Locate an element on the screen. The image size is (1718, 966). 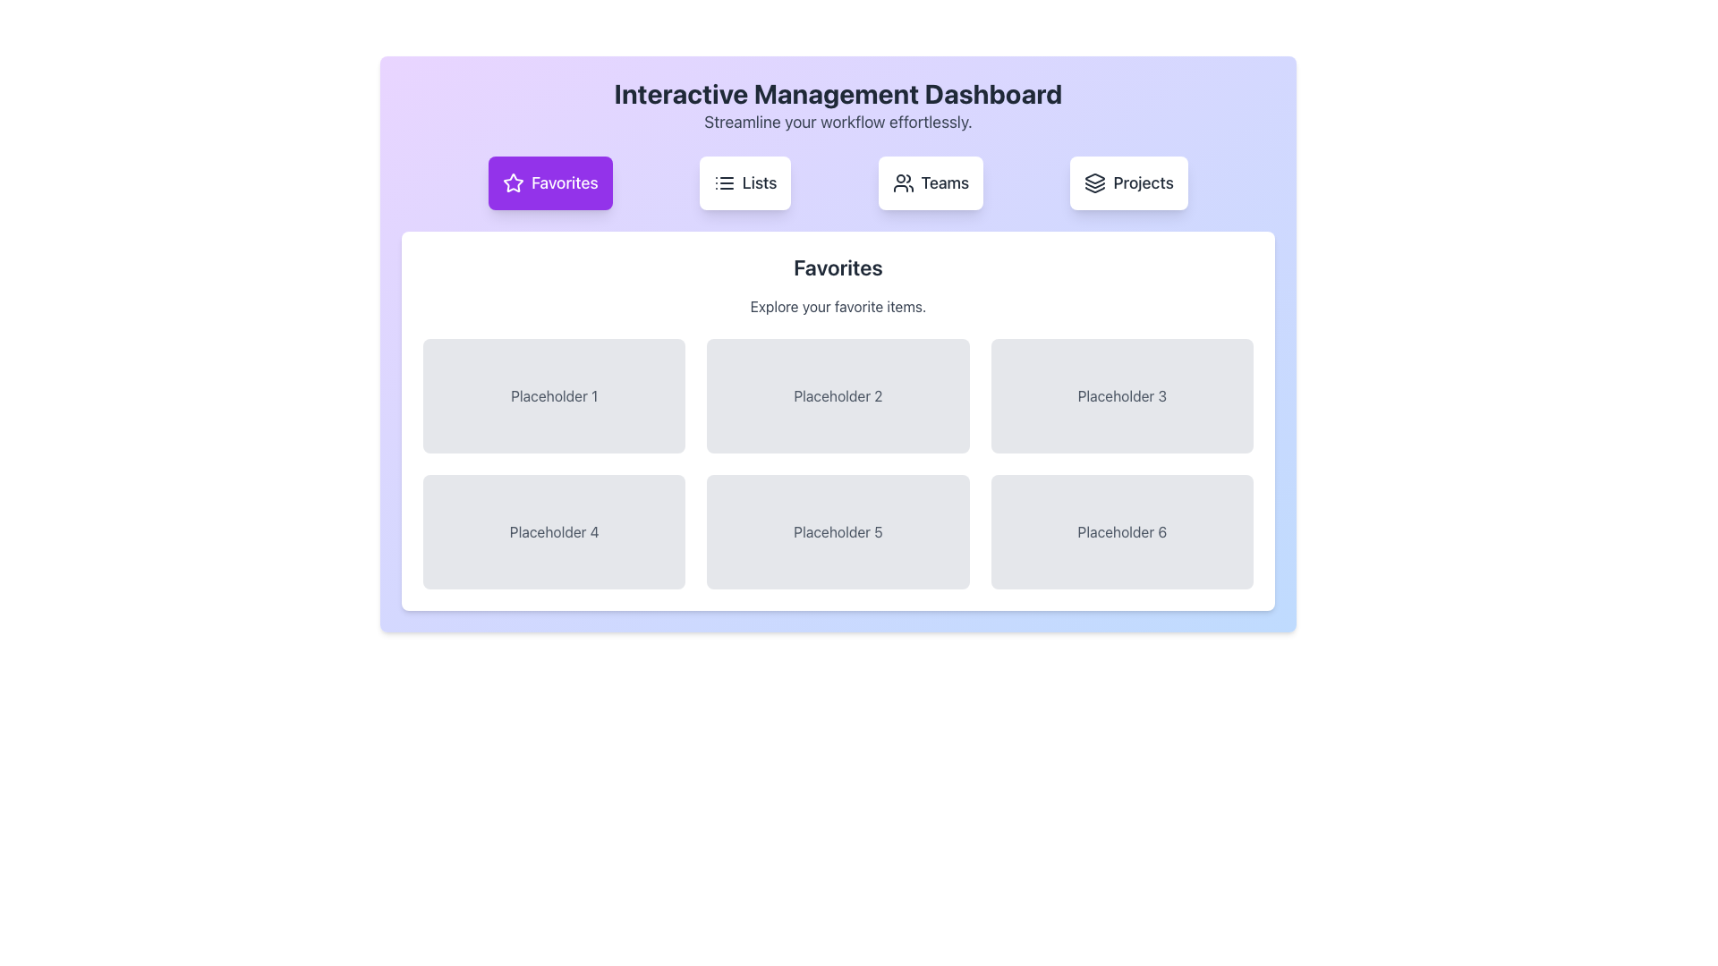
text element displaying 'Streamline your workflow effortlessly.' located below the headline 'Interactive Management Dashboard' is located at coordinates (837, 122).